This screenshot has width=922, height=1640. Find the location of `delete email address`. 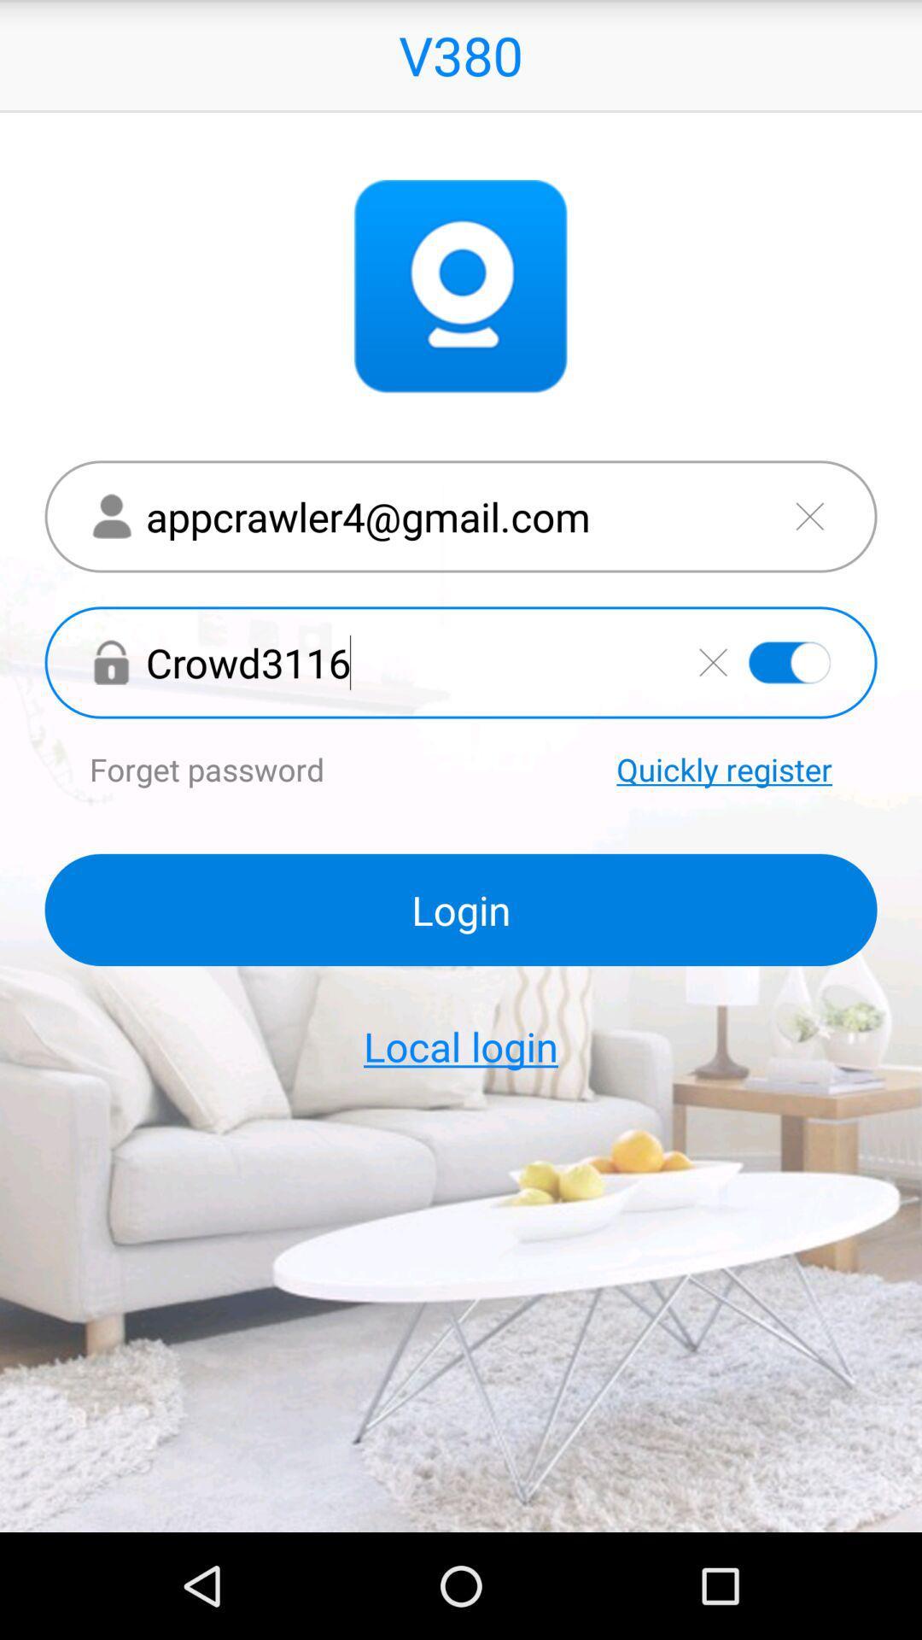

delete email address is located at coordinates (808, 515).